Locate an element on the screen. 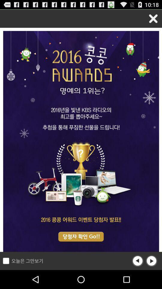 Image resolution: width=162 pixels, height=289 pixels. the arrow_backward icon is located at coordinates (138, 279).